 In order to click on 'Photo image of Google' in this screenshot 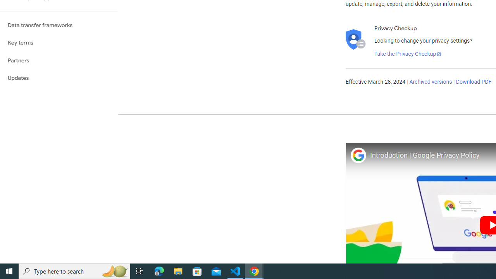, I will do `click(358, 155)`.